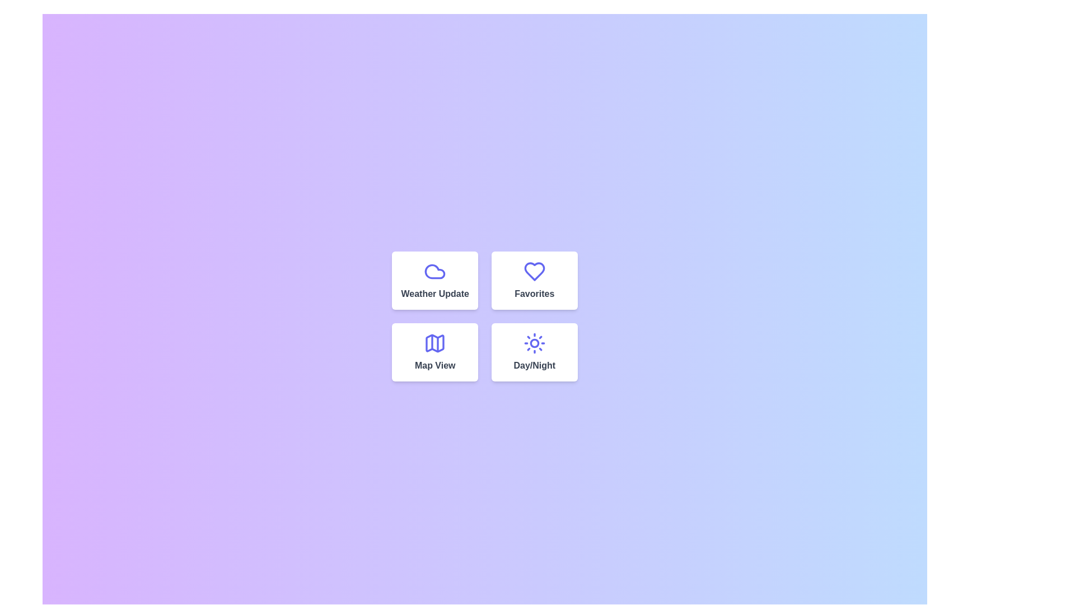 The width and height of the screenshot is (1075, 605). I want to click on the navigation icon representing the 'Map View' functionality, which is located in the lower-left of the grid of cards, centered above the title text, so click(434, 343).